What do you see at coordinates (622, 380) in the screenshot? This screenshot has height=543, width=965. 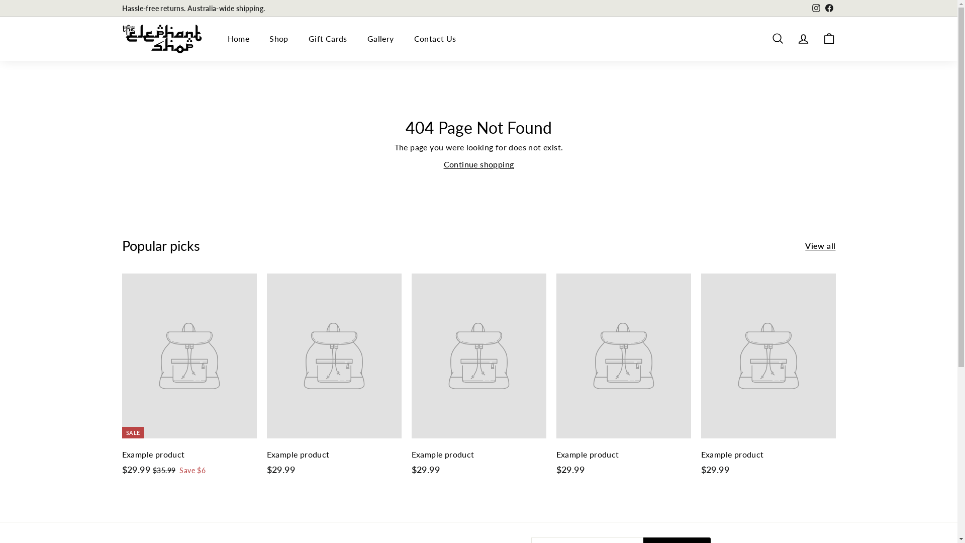 I see `'Example product` at bounding box center [622, 380].